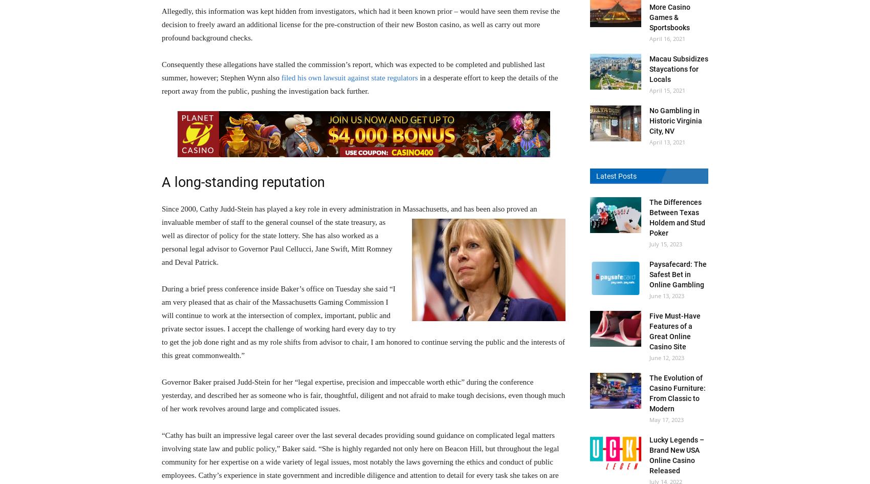  I want to click on 'Since 2000, Cathy Judd-Stein has played a key role in every administration in', so click(281, 208).